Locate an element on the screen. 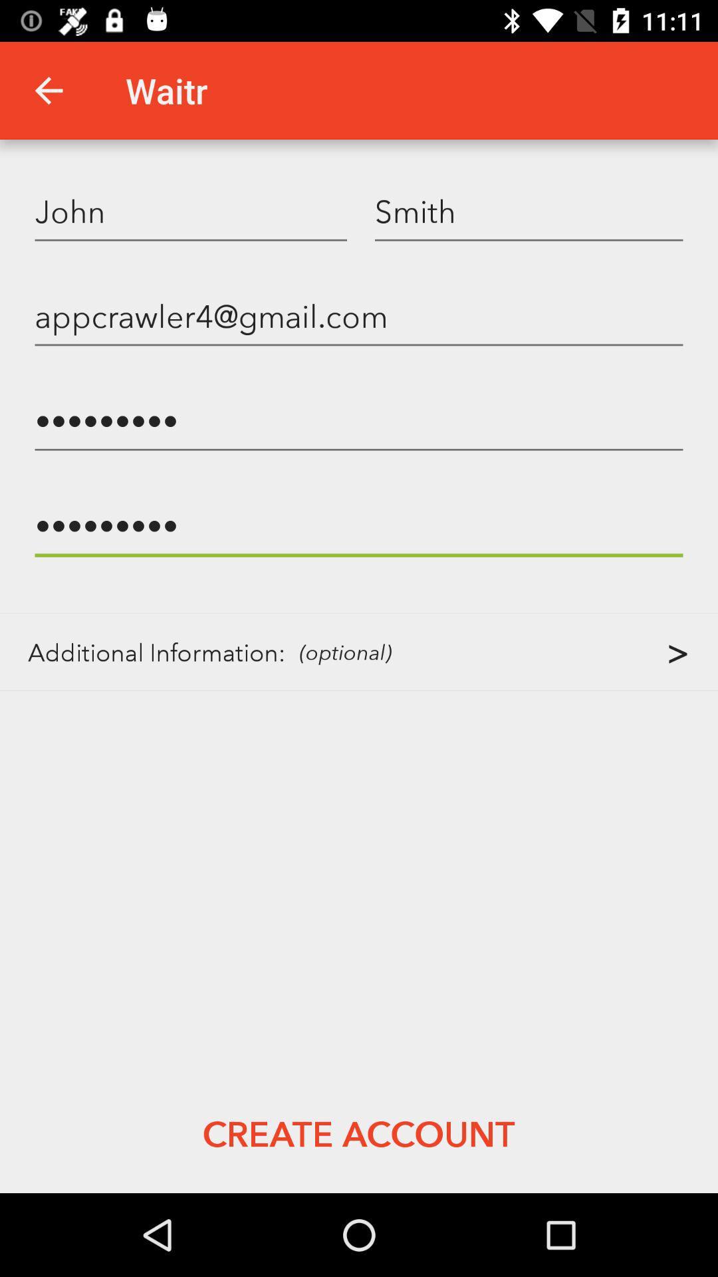  item above appcrawler4@gmail.com item is located at coordinates (528, 210).